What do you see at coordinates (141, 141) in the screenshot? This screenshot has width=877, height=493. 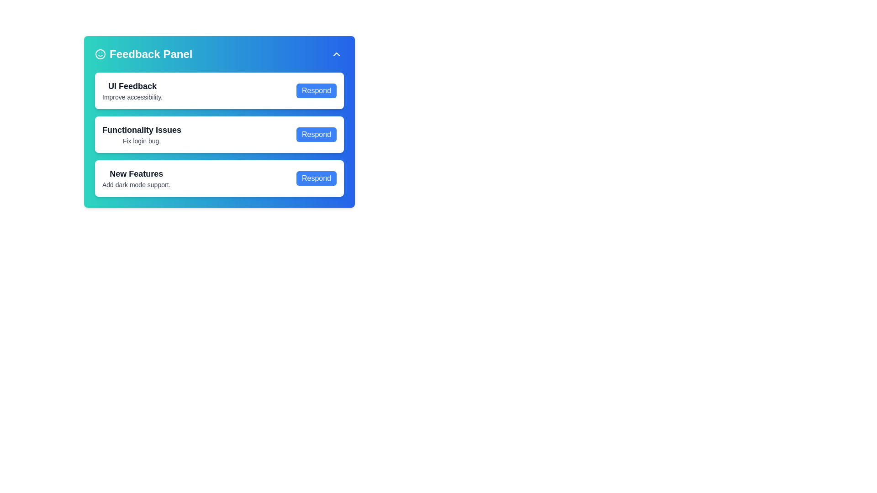 I see `static text display located underneath the 'Functionality Issues' heading, which provides additional information related to this topic` at bounding box center [141, 141].